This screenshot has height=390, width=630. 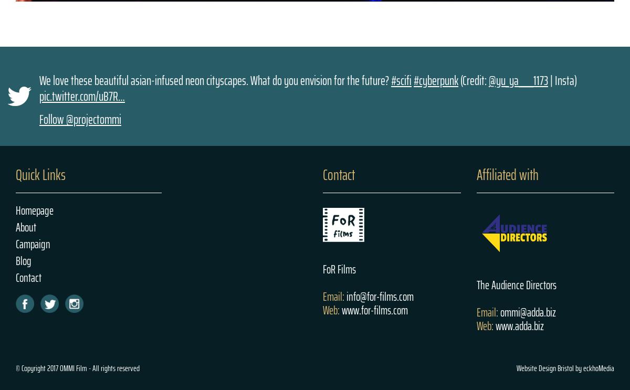 I want to click on 'ommi@adda.biz', so click(x=528, y=312).